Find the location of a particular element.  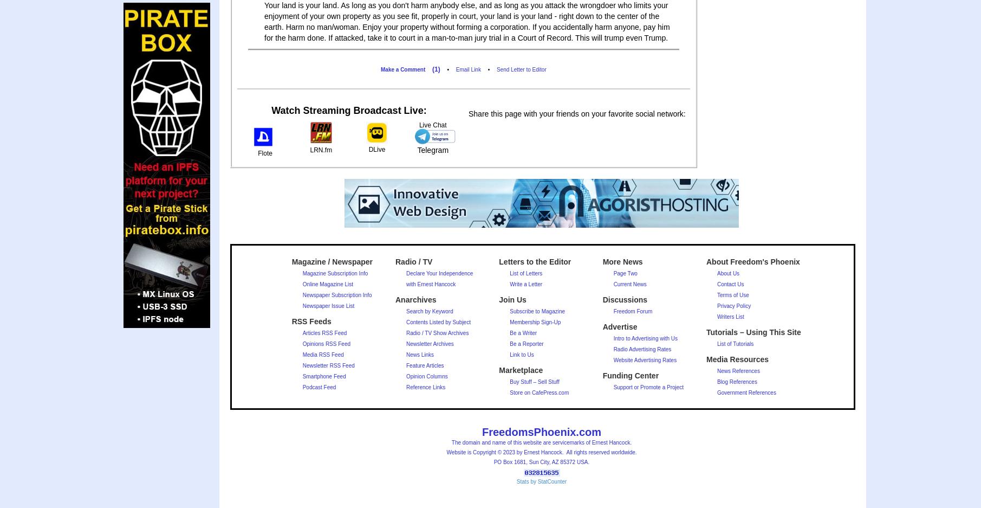

'Radio / TV' is located at coordinates (413, 262).